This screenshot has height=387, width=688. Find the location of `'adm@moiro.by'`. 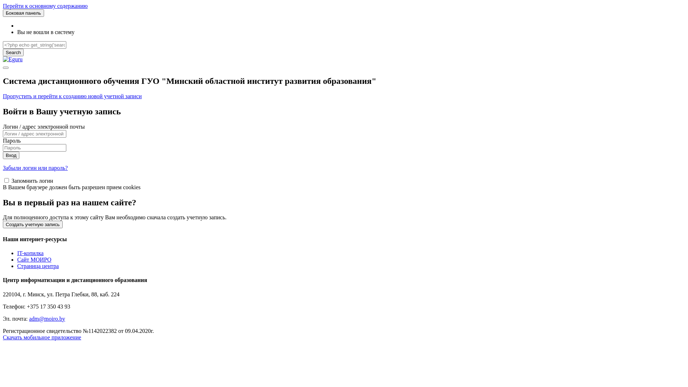

'adm@moiro.by' is located at coordinates (47, 318).